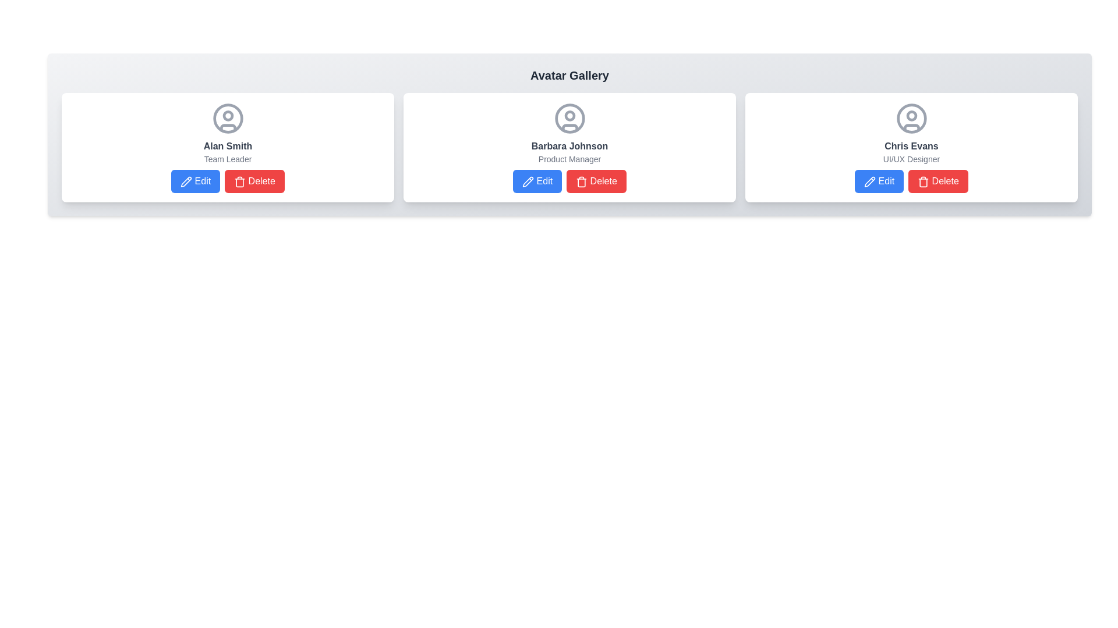 The width and height of the screenshot is (1118, 628). I want to click on the inner smaller circular graphical element of the user avatar for 'Alan Smith', the first user card at the top, so click(228, 116).